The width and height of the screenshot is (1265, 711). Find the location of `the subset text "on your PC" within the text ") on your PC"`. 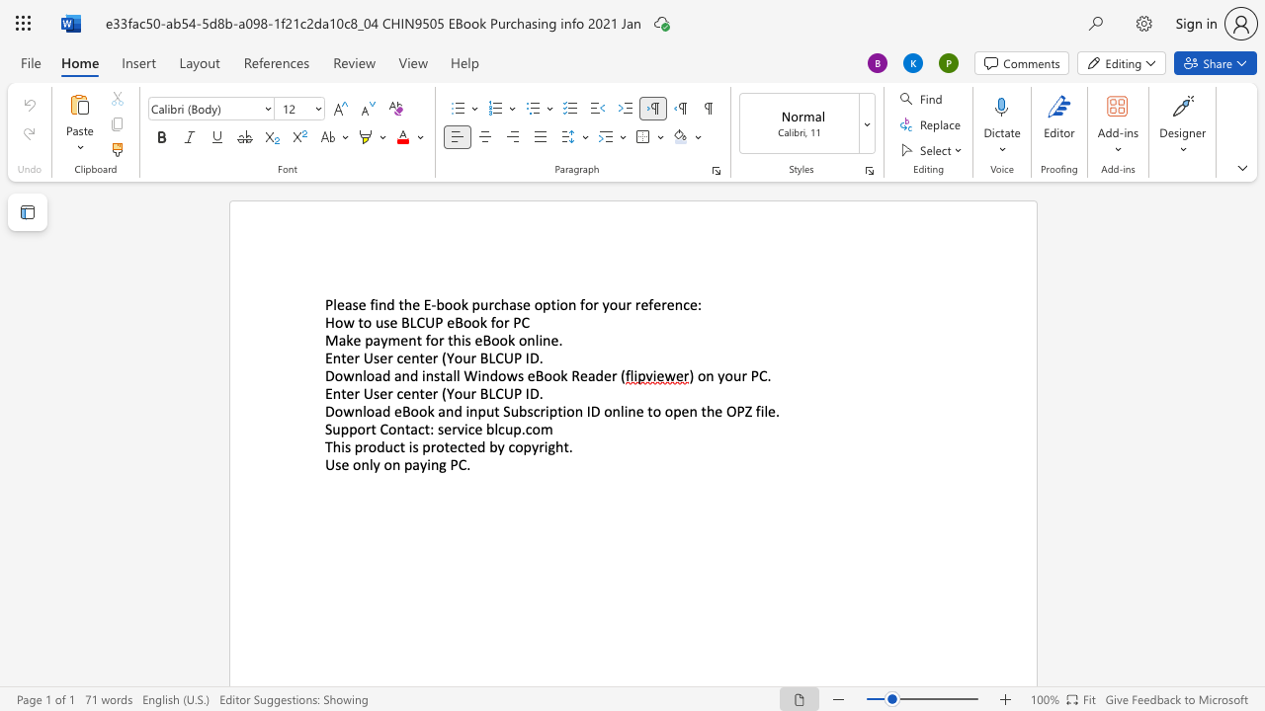

the subset text "on your PC" within the text ") on your PC" is located at coordinates (697, 375).